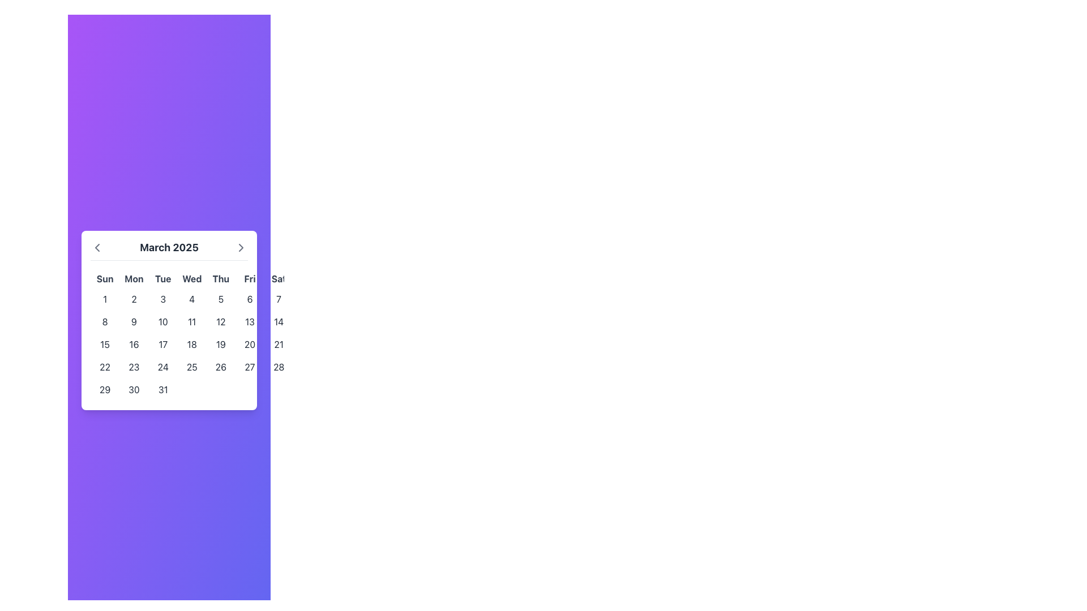  What do you see at coordinates (221, 321) in the screenshot?
I see `the button displaying the numeral '12', which is a non-interactive visual representation in a row of numbers between '8' and '14'` at bounding box center [221, 321].